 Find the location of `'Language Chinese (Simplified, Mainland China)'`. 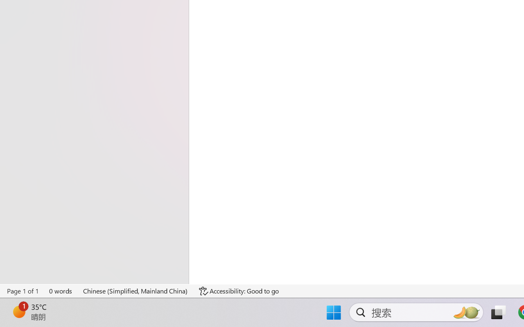

'Language Chinese (Simplified, Mainland China)' is located at coordinates (136, 291).